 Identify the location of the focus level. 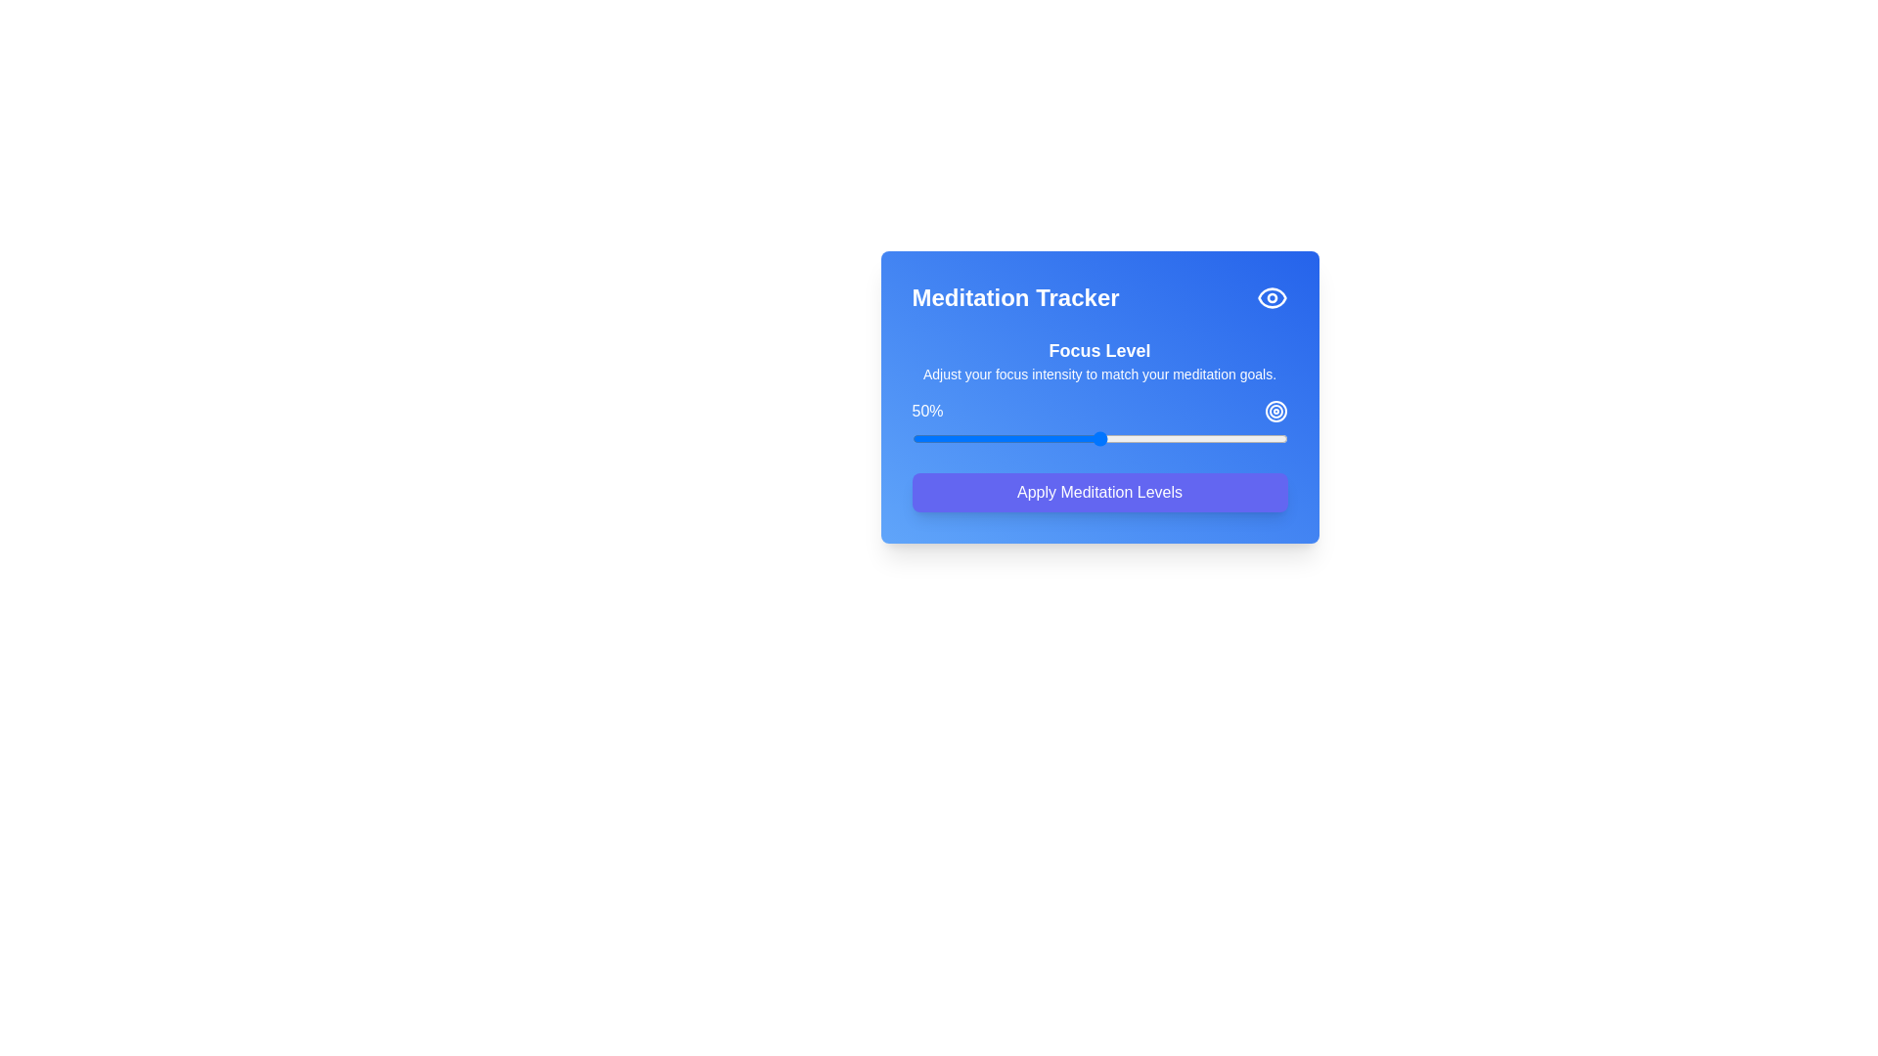
(1035, 437).